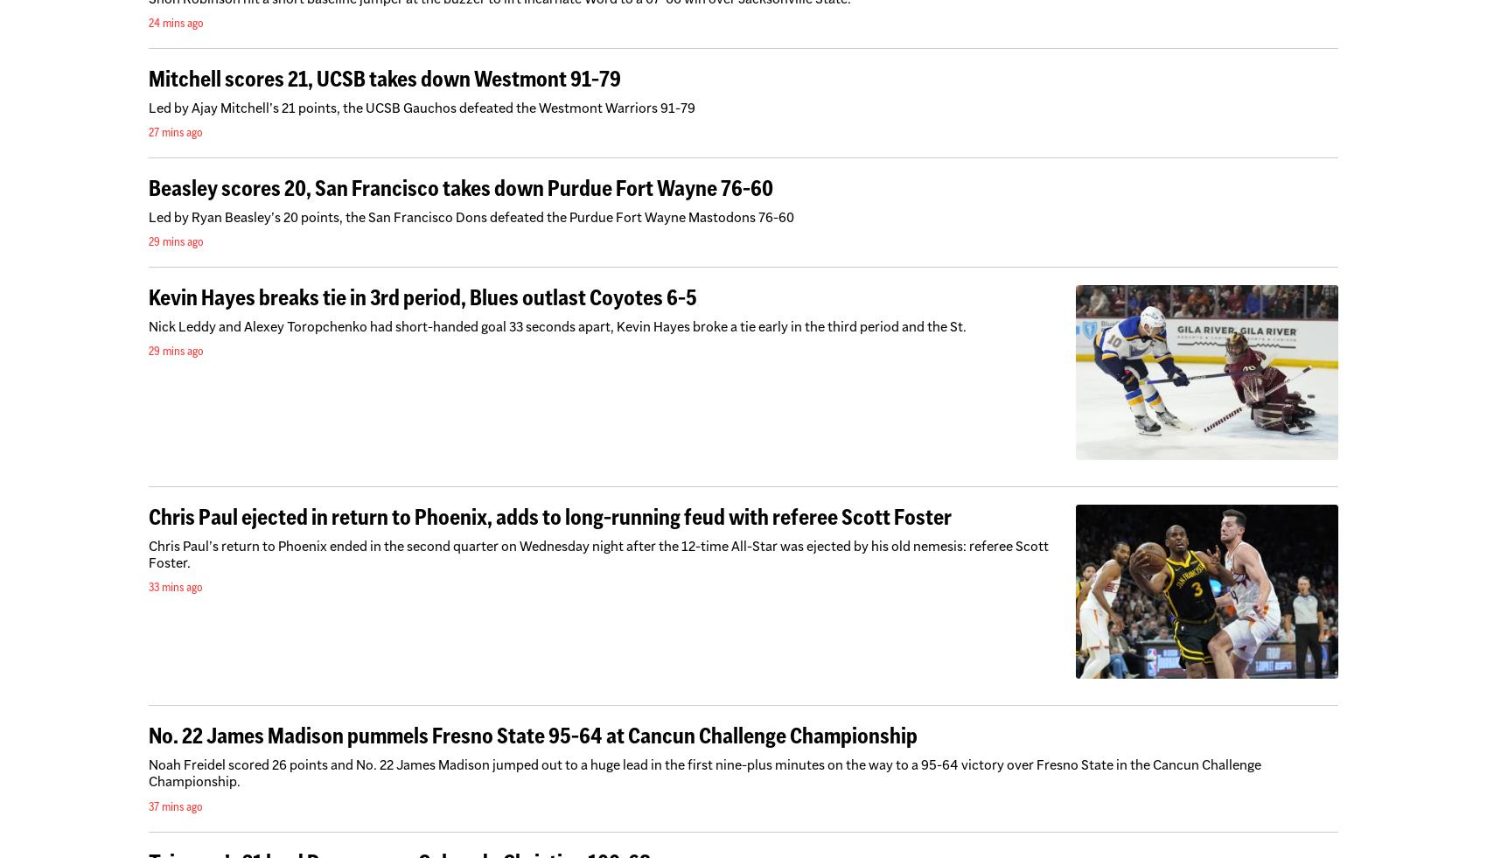 The width and height of the screenshot is (1487, 858). Describe the element at coordinates (174, 805) in the screenshot. I see `'37 mins ago'` at that location.